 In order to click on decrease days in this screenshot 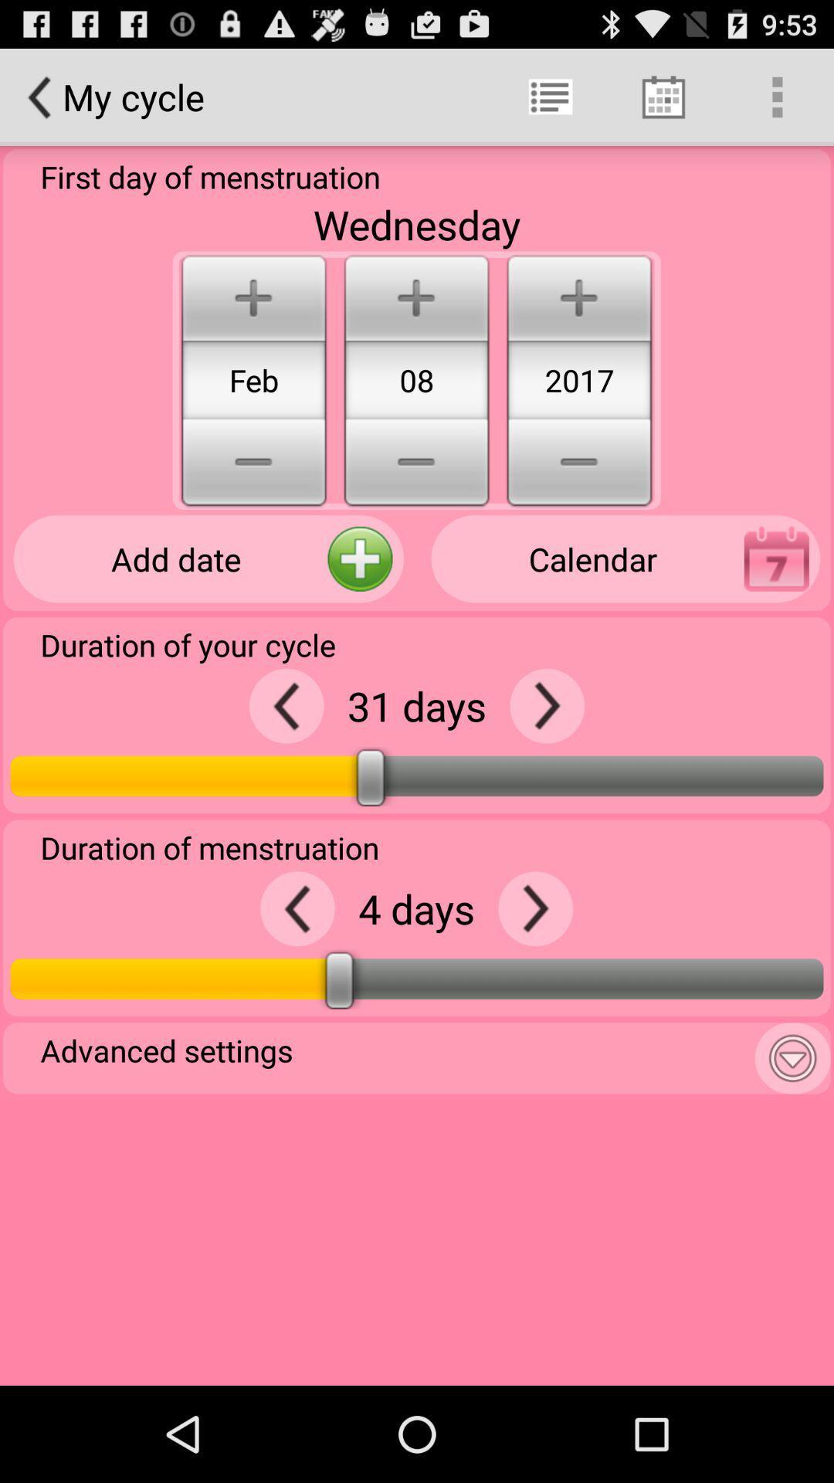, I will do `click(286, 705)`.